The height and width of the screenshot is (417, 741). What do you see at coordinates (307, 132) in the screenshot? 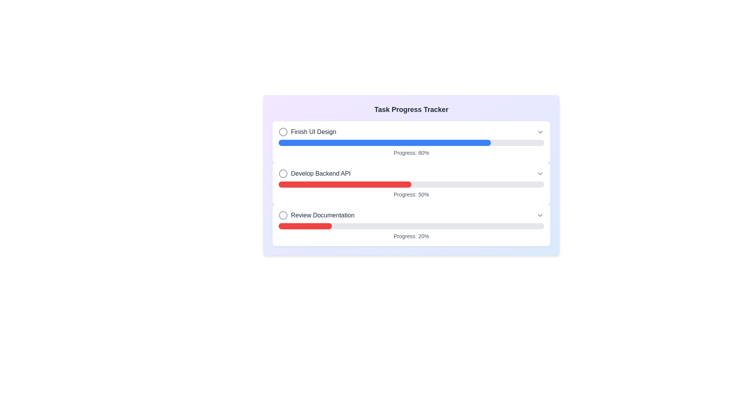
I see `the 'Finish UI Design' label with an associated progress marker icon` at bounding box center [307, 132].